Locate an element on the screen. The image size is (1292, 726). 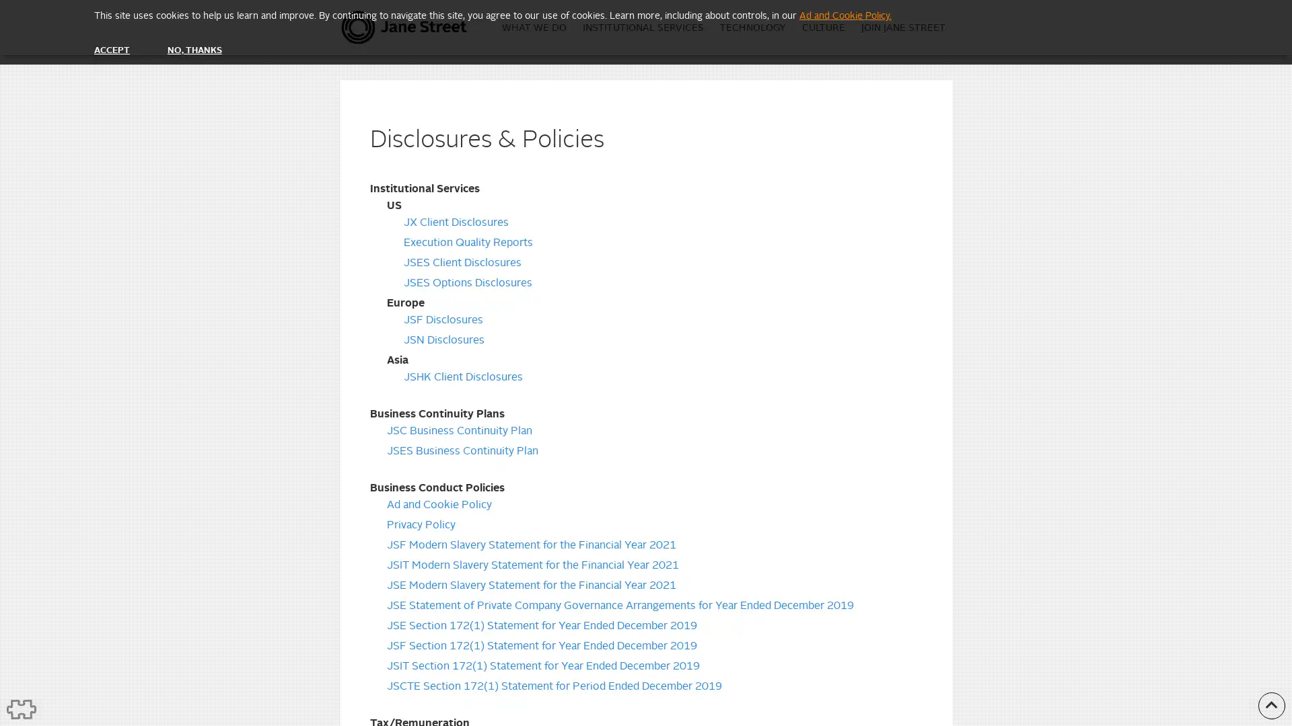
deny cookies is located at coordinates (193, 50).